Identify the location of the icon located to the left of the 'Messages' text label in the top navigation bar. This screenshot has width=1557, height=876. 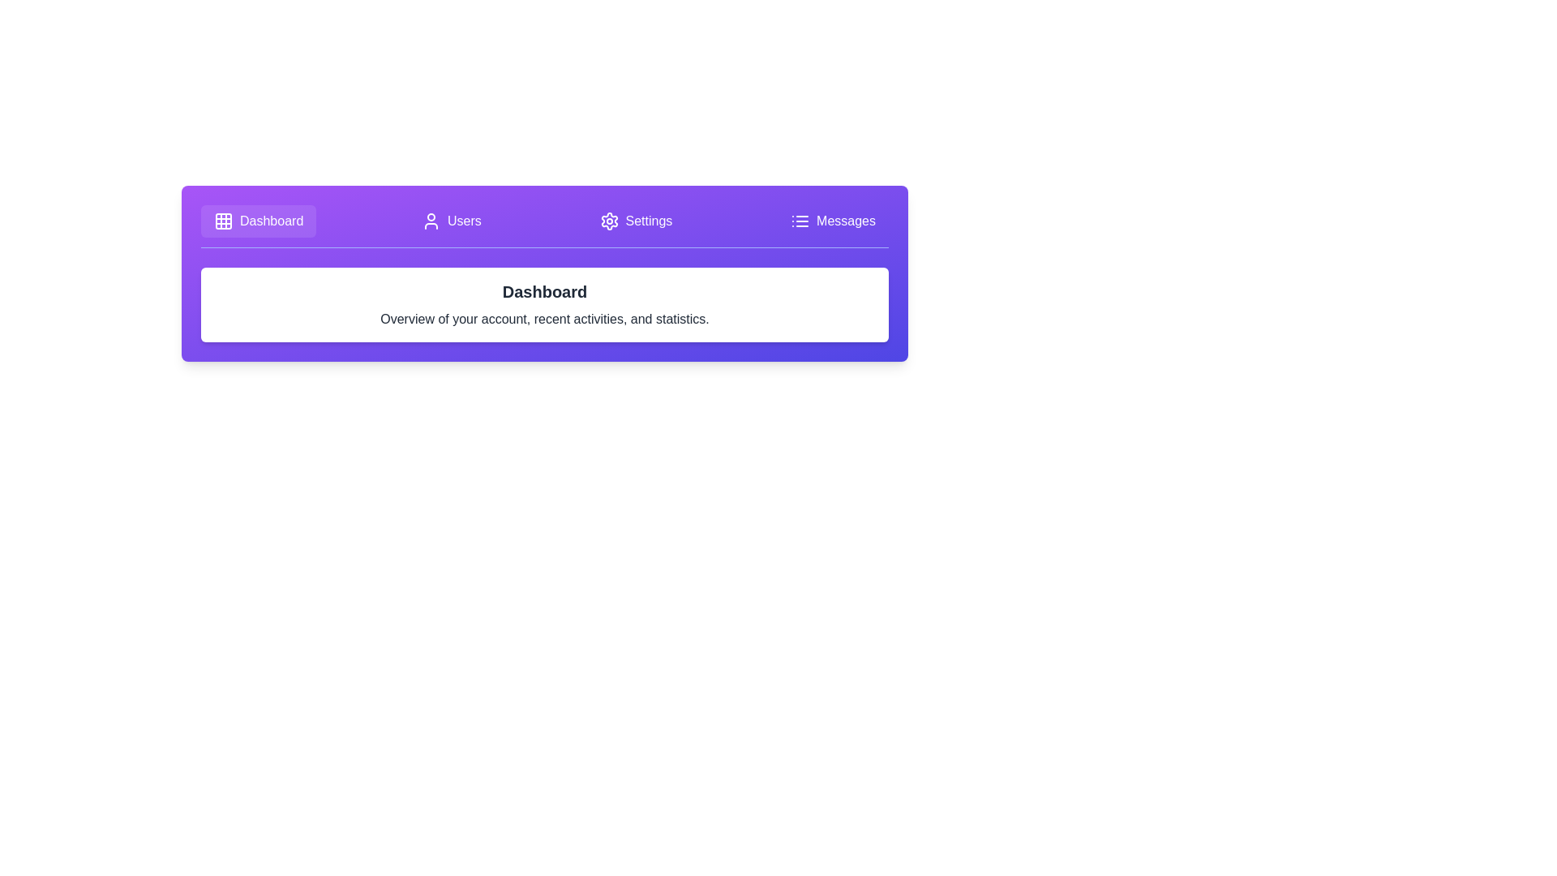
(800, 221).